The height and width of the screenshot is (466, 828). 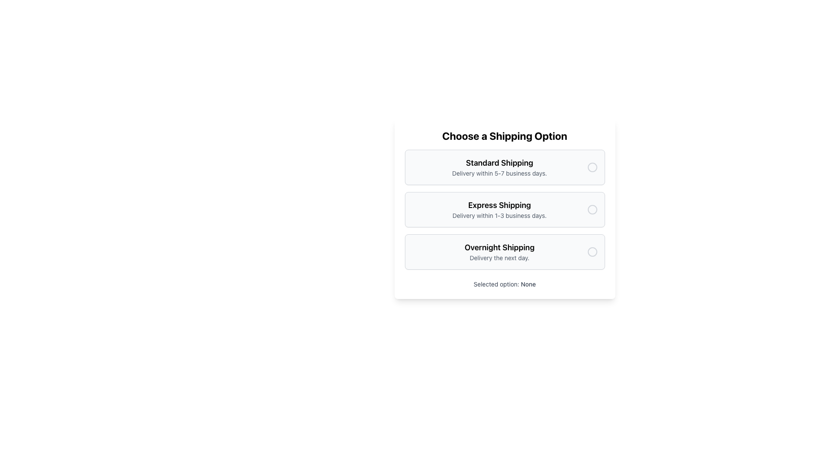 What do you see at coordinates (499, 248) in the screenshot?
I see `text label that describes the shipping option, which is located above the text 'Delivery the next day.' in the third option group of shipping options` at bounding box center [499, 248].